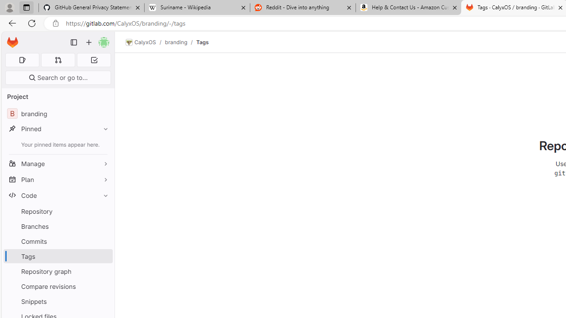 This screenshot has height=318, width=566. What do you see at coordinates (302, 8) in the screenshot?
I see `'Reddit - Dive into anything'` at bounding box center [302, 8].